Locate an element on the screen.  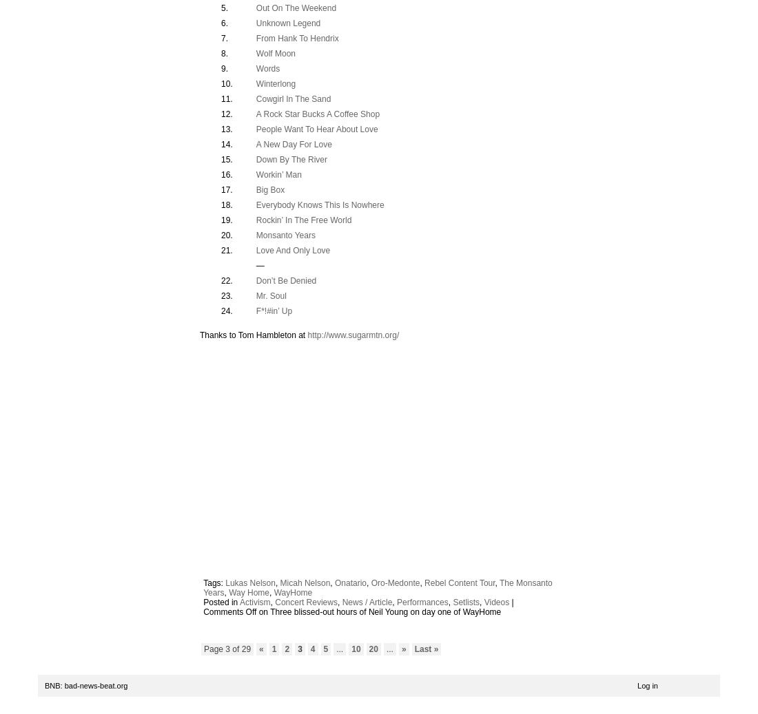
'Lukas Nelson' is located at coordinates (250, 583).